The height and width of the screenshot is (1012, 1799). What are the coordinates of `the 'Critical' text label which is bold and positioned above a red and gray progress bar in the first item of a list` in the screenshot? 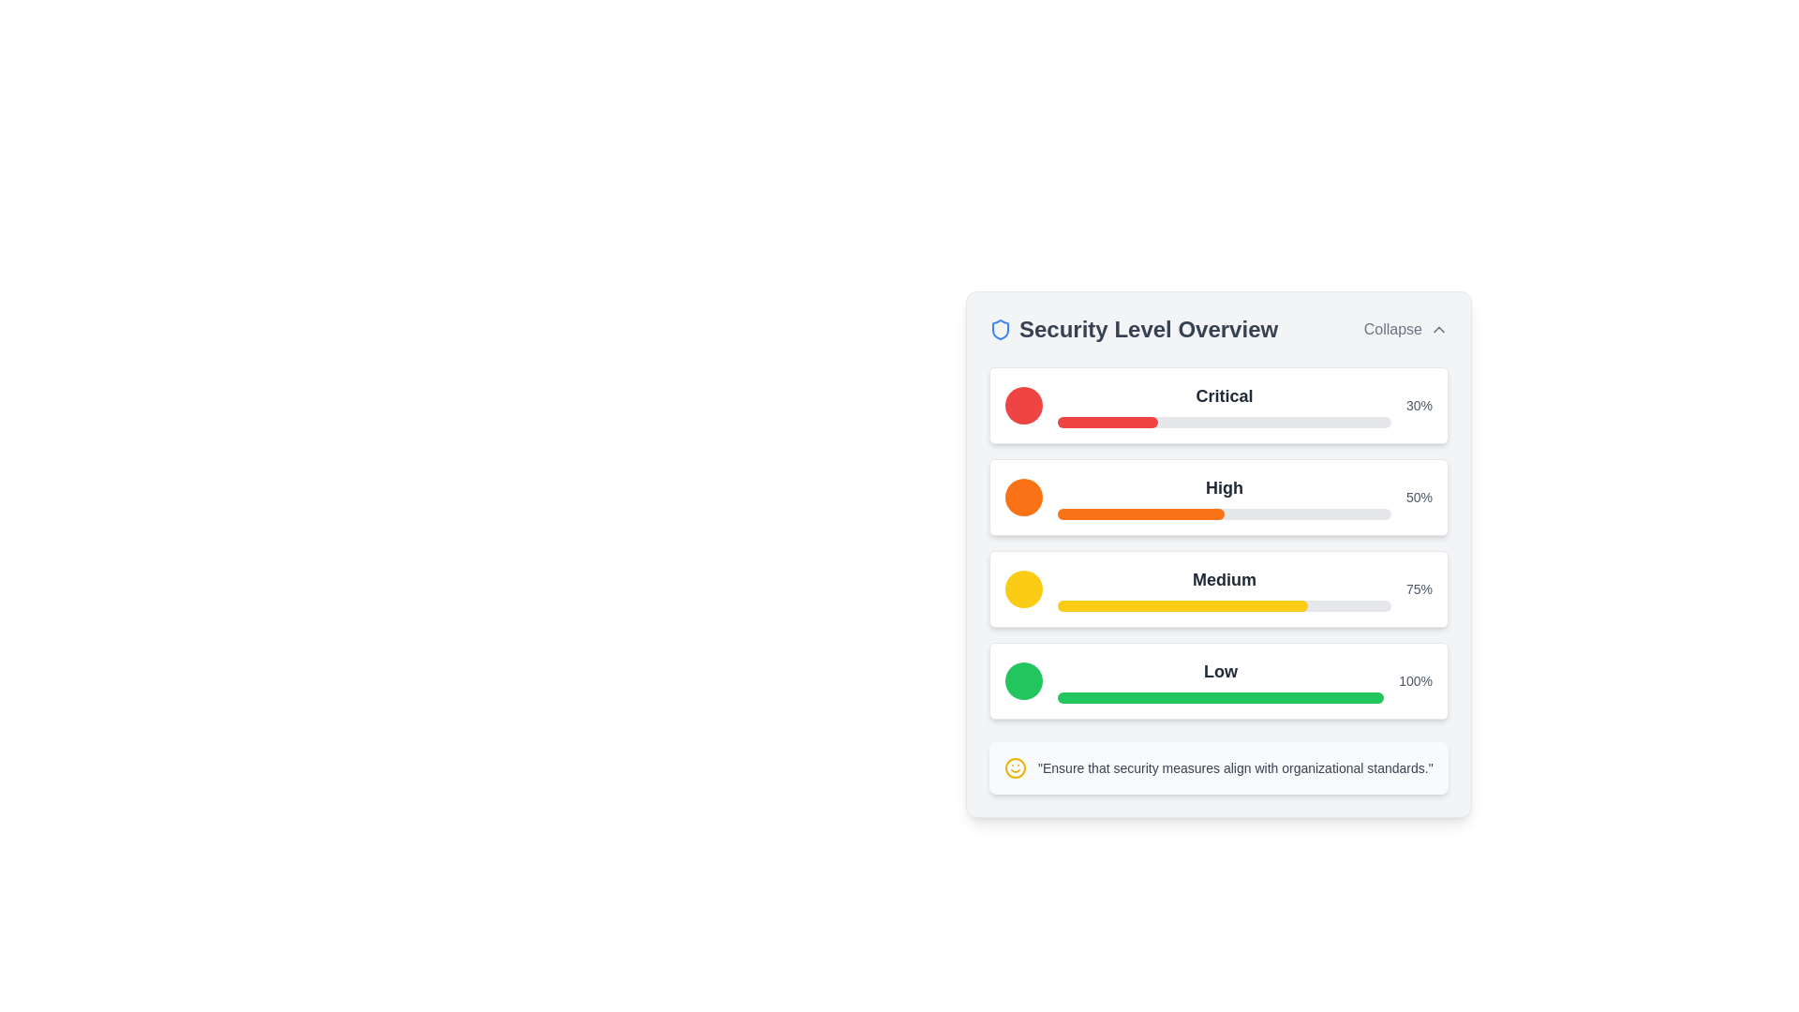 It's located at (1224, 404).